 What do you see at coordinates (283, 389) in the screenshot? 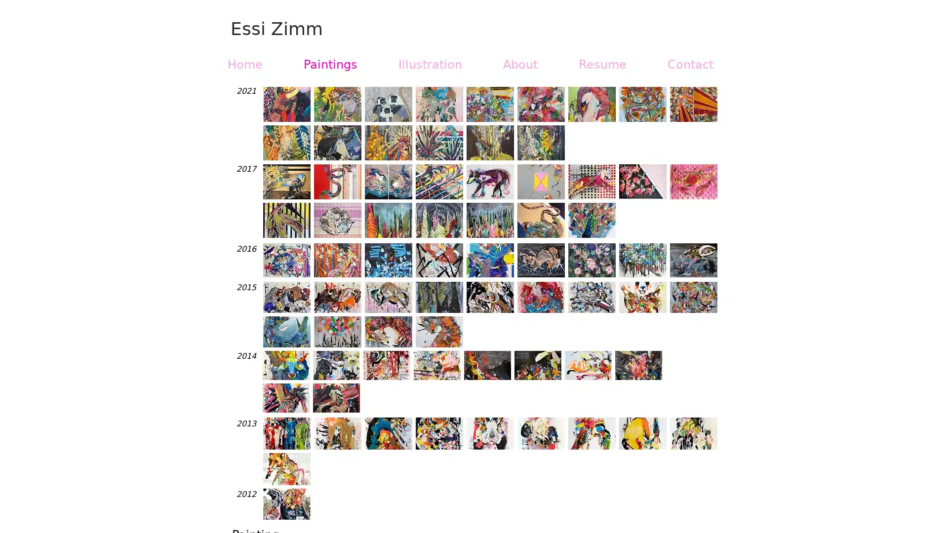
I see `previous` at bounding box center [283, 389].